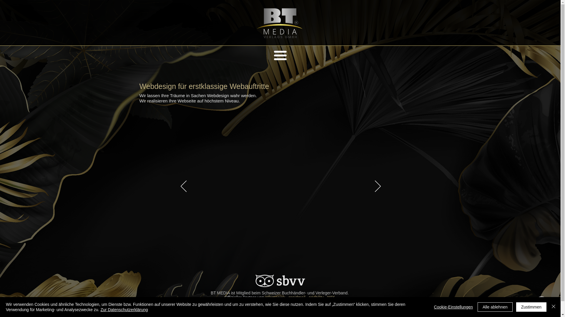 This screenshot has height=317, width=565. I want to click on 'info@btmedia.ch', so click(310, 311).